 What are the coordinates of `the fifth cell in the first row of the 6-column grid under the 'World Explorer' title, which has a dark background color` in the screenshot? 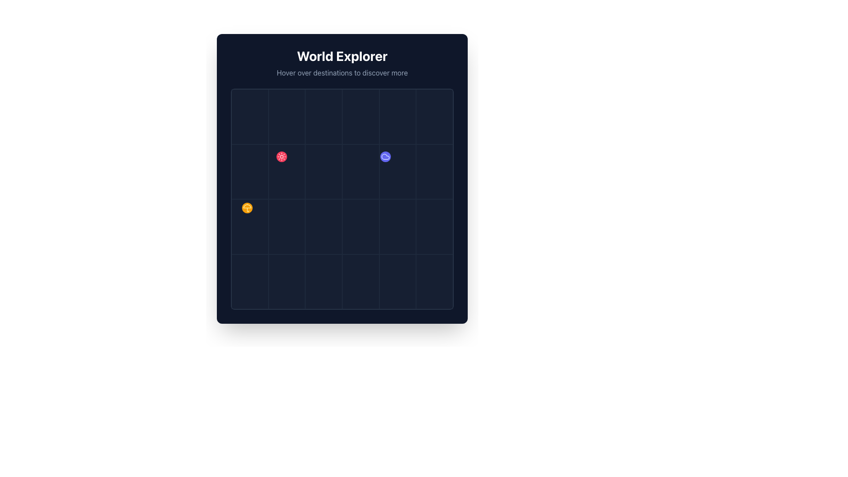 It's located at (397, 116).